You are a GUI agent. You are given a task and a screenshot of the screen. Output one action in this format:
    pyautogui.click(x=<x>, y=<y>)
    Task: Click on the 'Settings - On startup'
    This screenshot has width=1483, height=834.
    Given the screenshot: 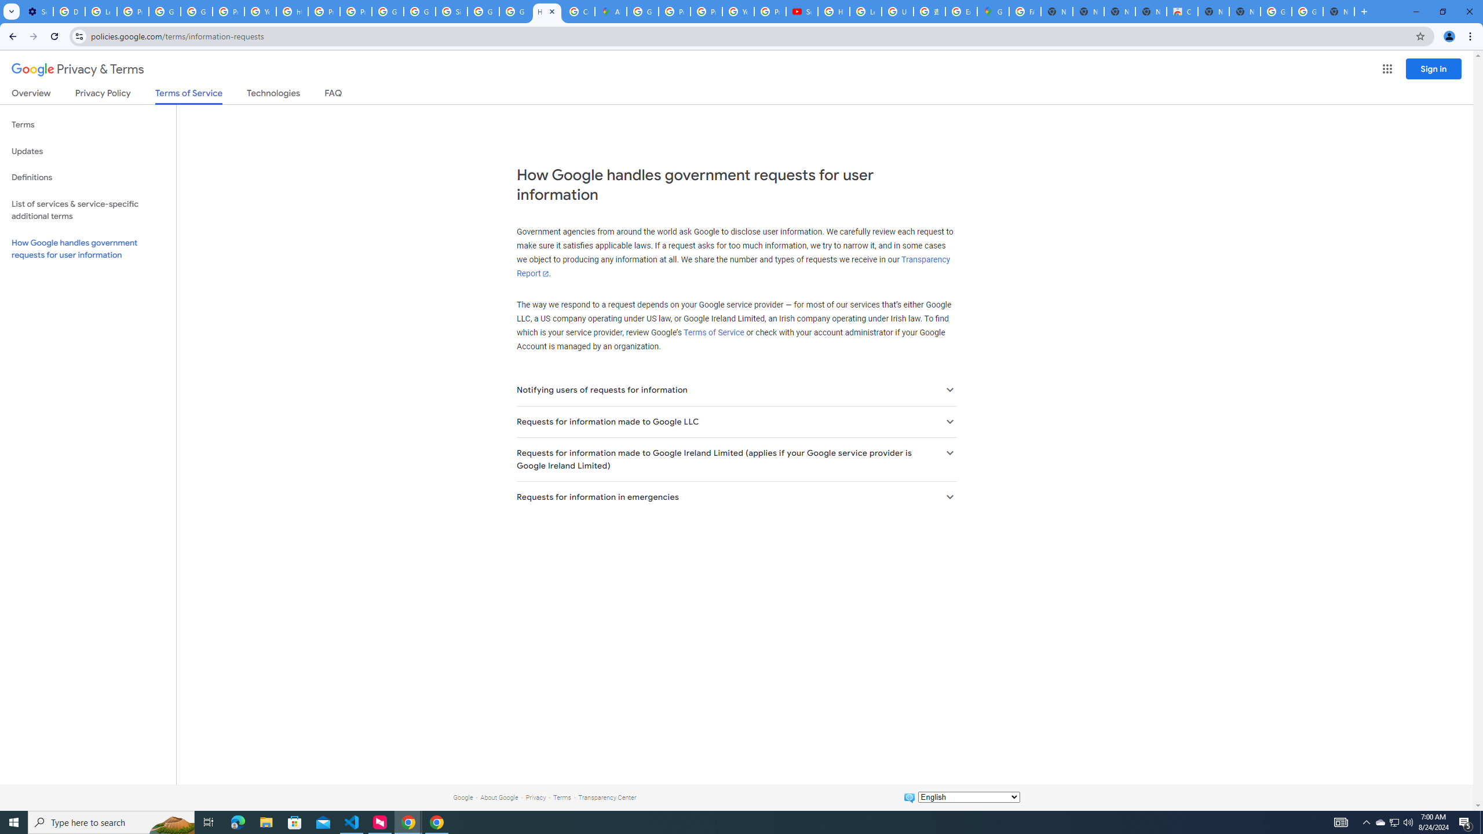 What is the action you would take?
    pyautogui.click(x=37, y=11)
    